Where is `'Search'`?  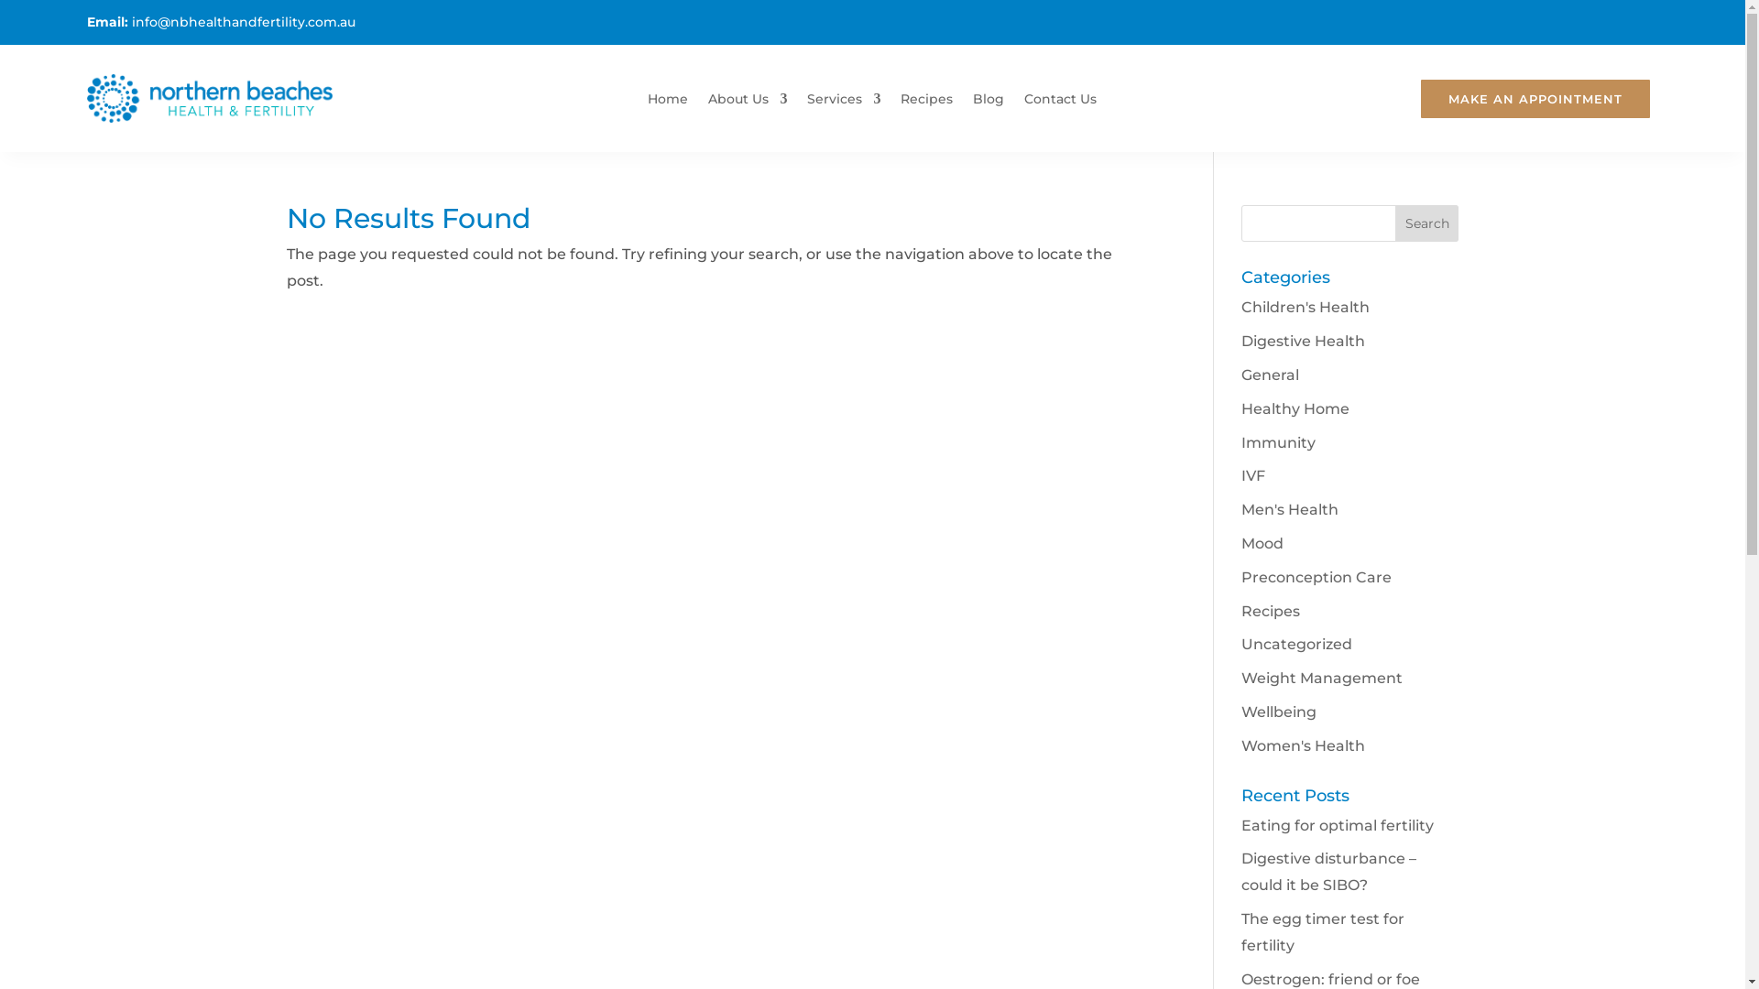
'Search' is located at coordinates (1426, 222).